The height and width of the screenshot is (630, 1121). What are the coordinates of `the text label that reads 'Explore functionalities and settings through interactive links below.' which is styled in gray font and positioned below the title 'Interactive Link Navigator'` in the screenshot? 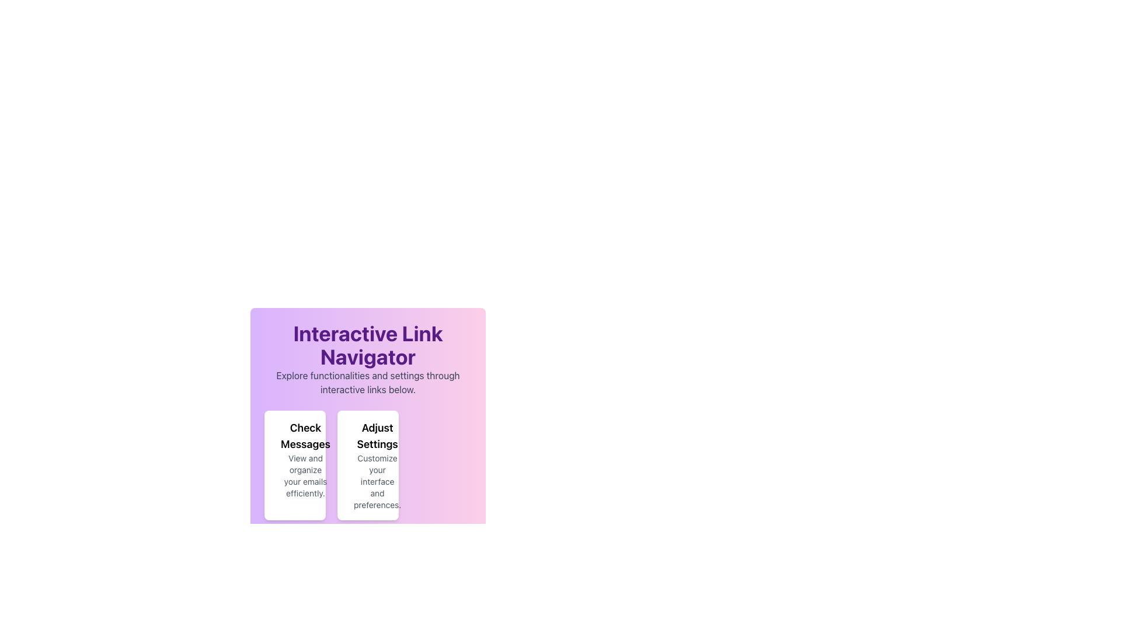 It's located at (367, 382).